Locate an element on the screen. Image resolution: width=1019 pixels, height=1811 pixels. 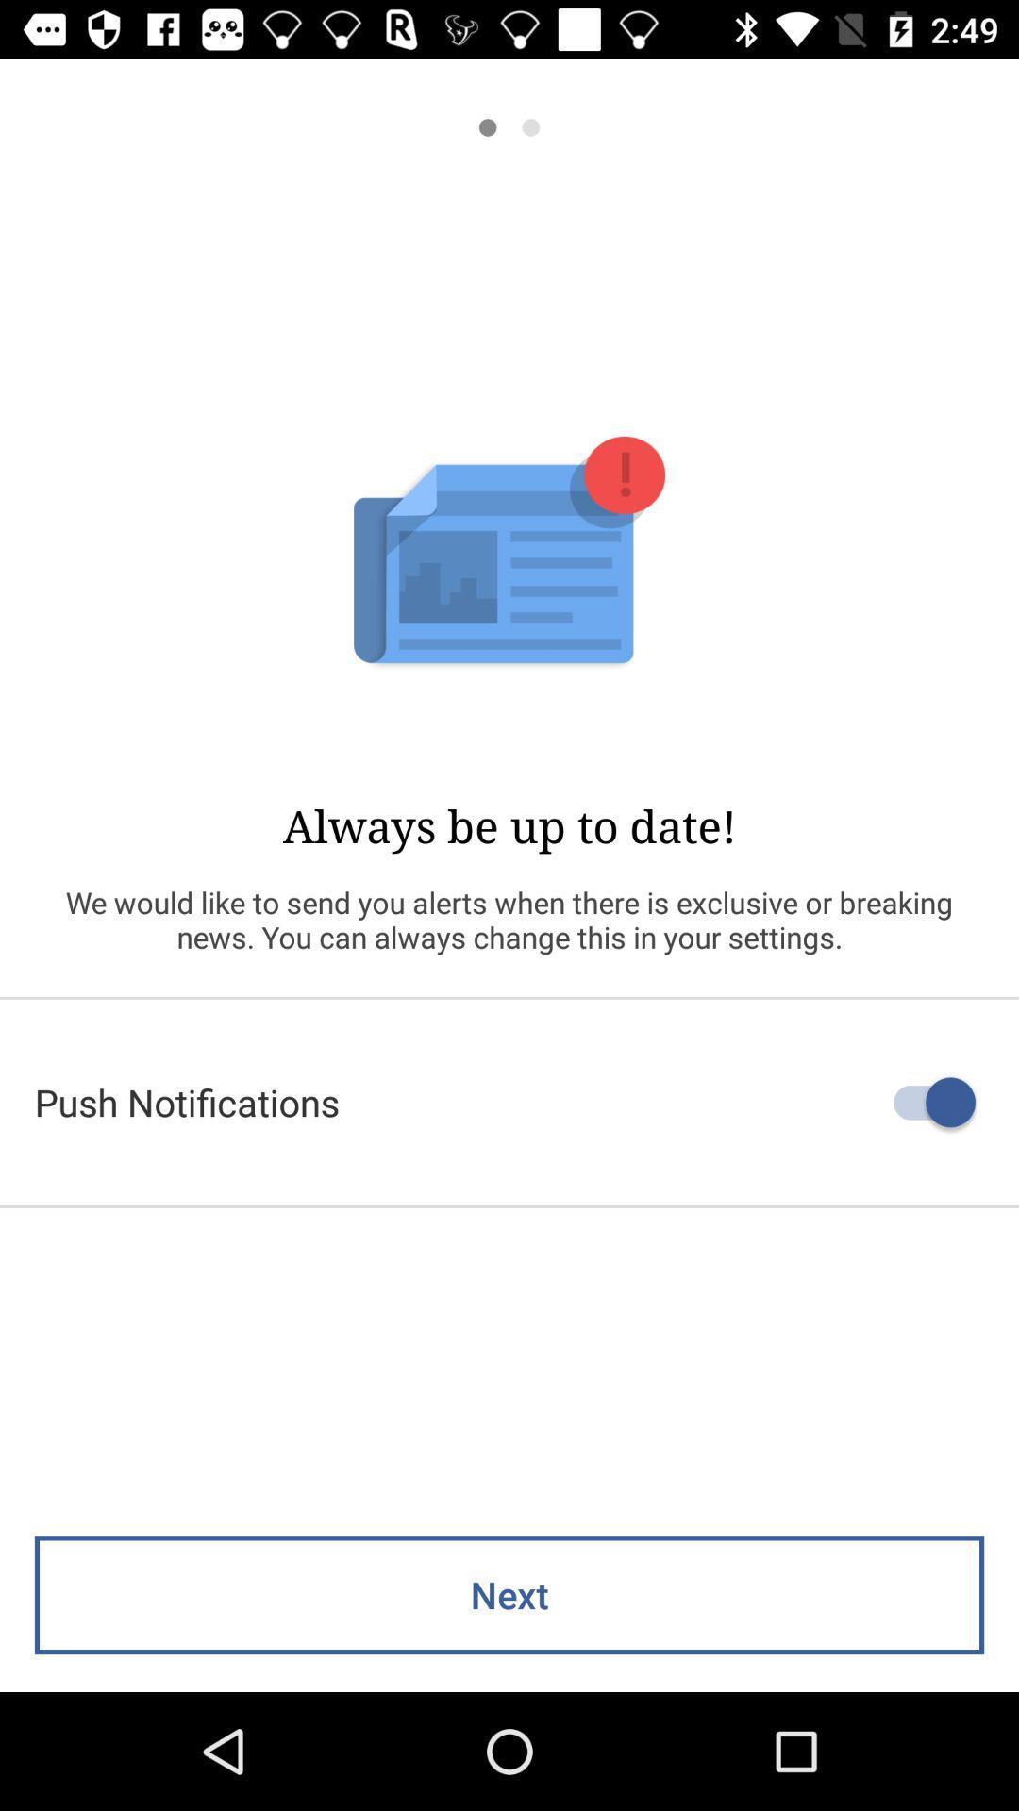
the next icon is located at coordinates (509, 1594).